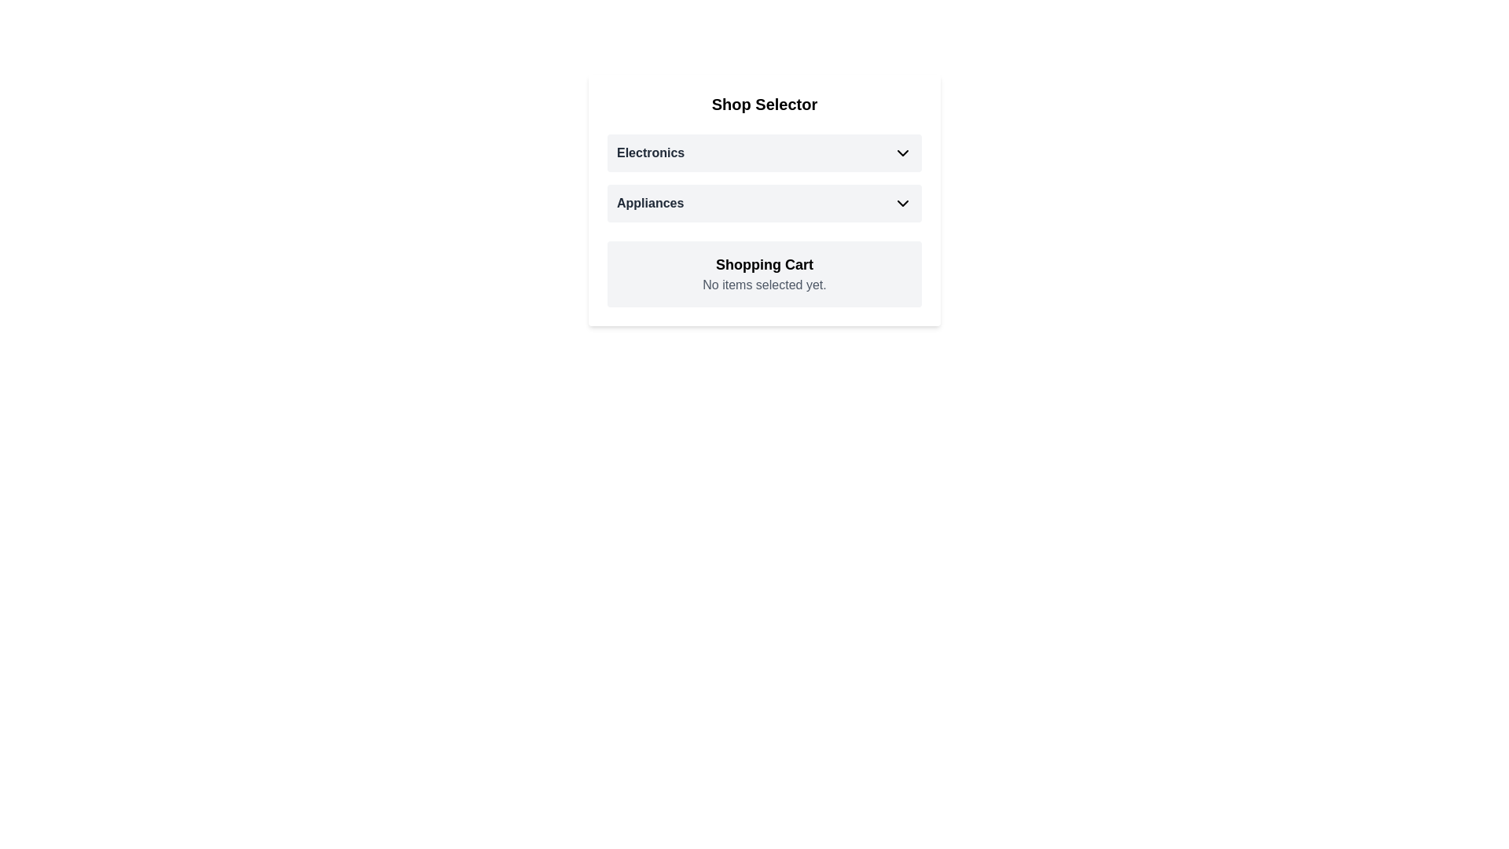 This screenshot has width=1509, height=849. I want to click on the small black downward-pointing chevron icon located to the far right of the 'Appliances' section, aligning horizontally with the bold grey text 'Appliances' to focus on it, so click(902, 202).